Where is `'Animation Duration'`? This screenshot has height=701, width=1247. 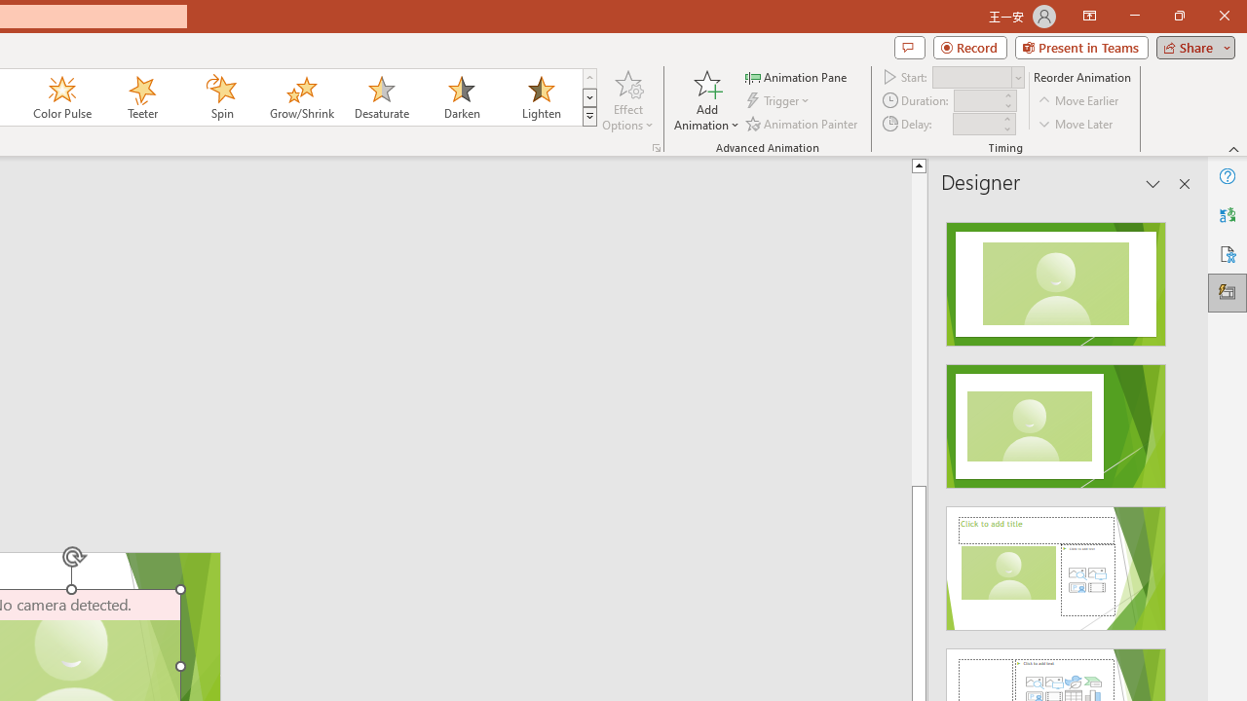
'Animation Duration' is located at coordinates (977, 100).